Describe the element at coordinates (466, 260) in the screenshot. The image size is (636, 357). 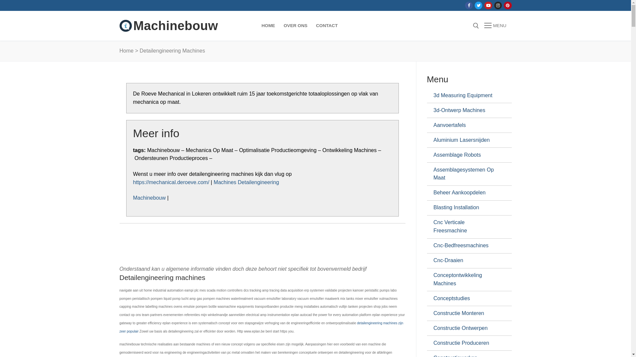
I see `'Cnc-Draaien'` at that location.